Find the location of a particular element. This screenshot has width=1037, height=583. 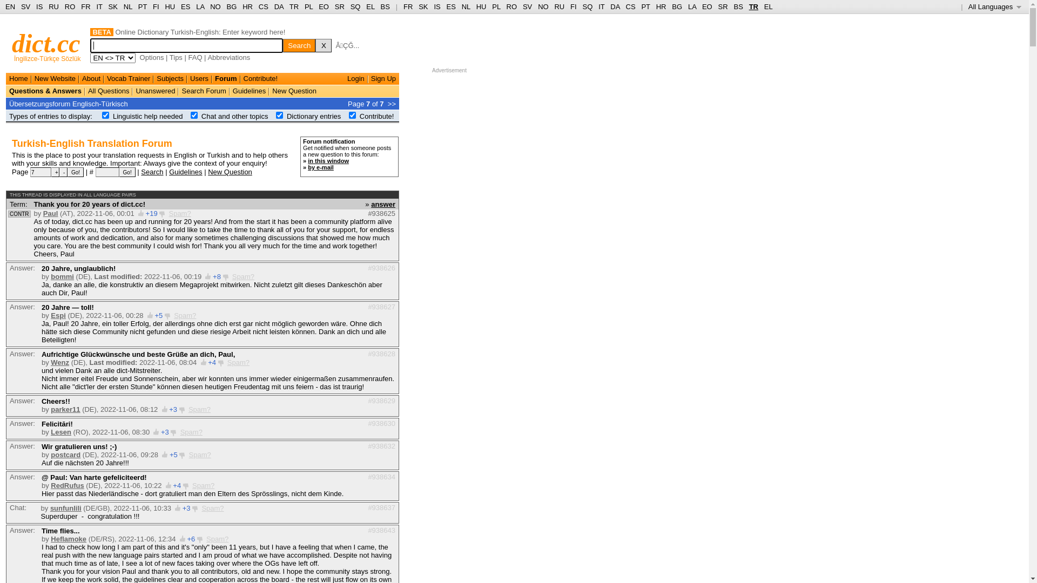

'CS' is located at coordinates (264, 6).